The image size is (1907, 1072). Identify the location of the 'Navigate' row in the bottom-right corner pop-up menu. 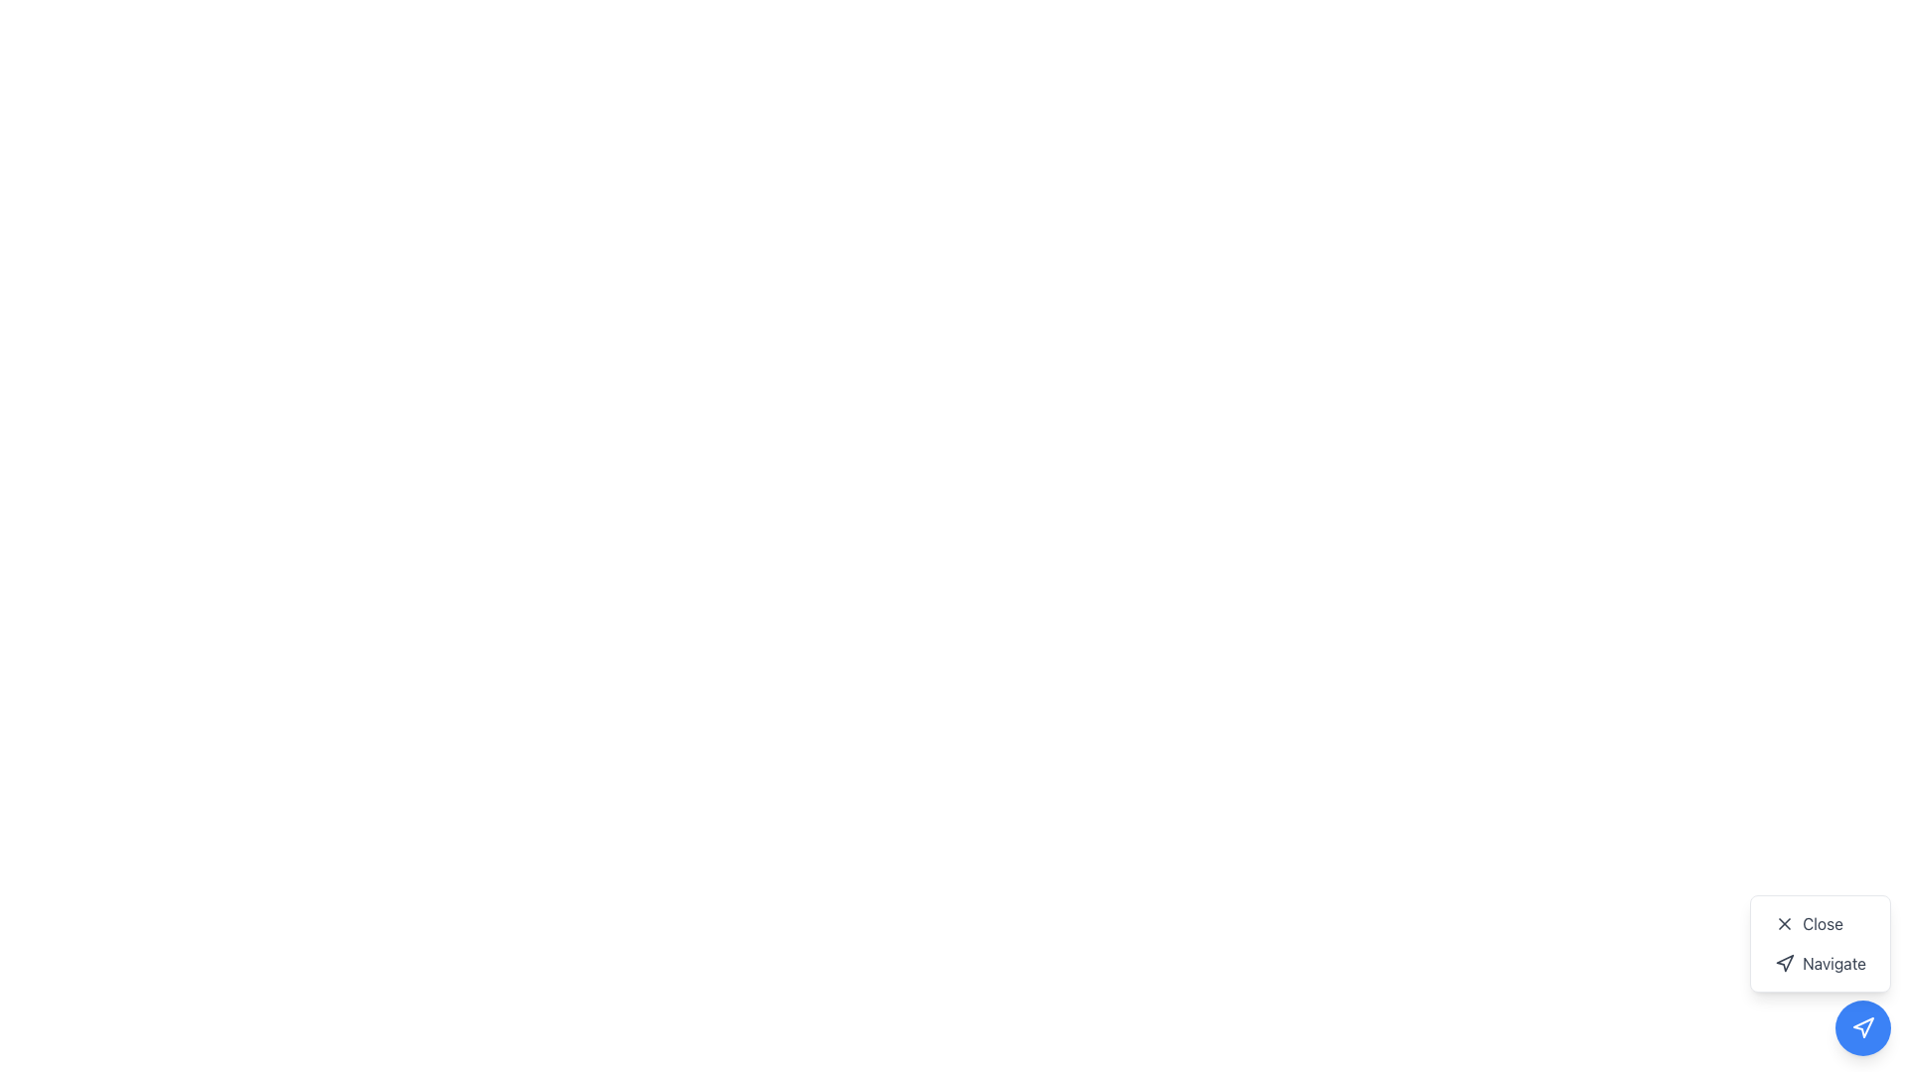
(1821, 943).